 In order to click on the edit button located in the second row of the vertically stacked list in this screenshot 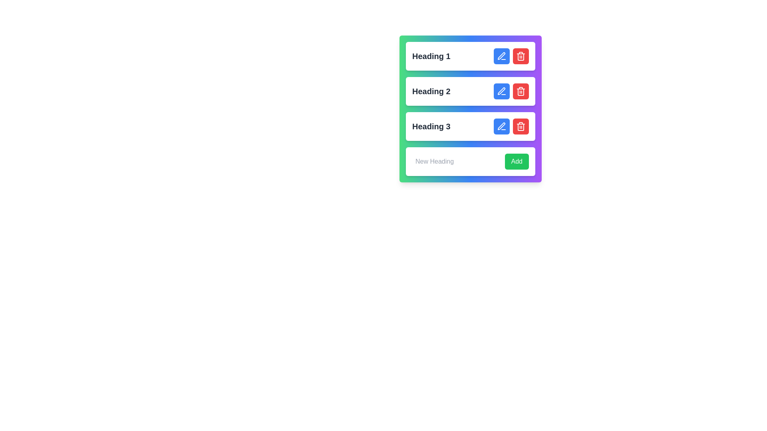, I will do `click(501, 91)`.